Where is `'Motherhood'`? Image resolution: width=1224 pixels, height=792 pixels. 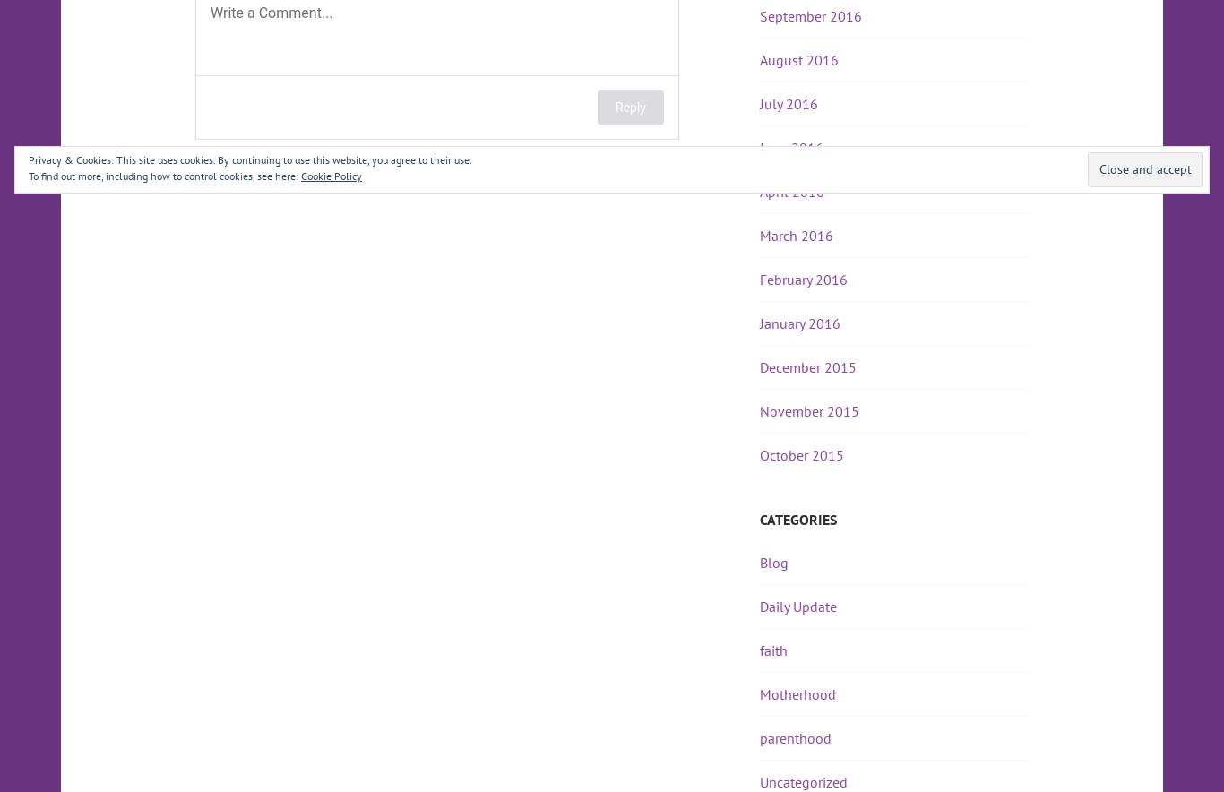
'Motherhood' is located at coordinates (759, 693).